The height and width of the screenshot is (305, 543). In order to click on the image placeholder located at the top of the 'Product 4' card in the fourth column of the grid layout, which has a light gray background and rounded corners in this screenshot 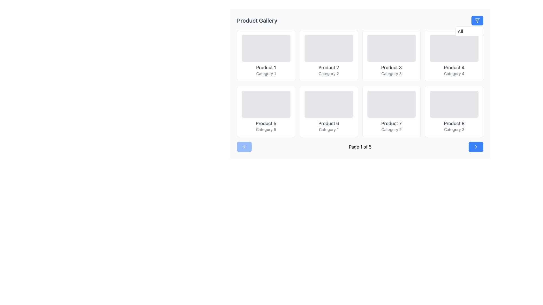, I will do `click(454, 48)`.